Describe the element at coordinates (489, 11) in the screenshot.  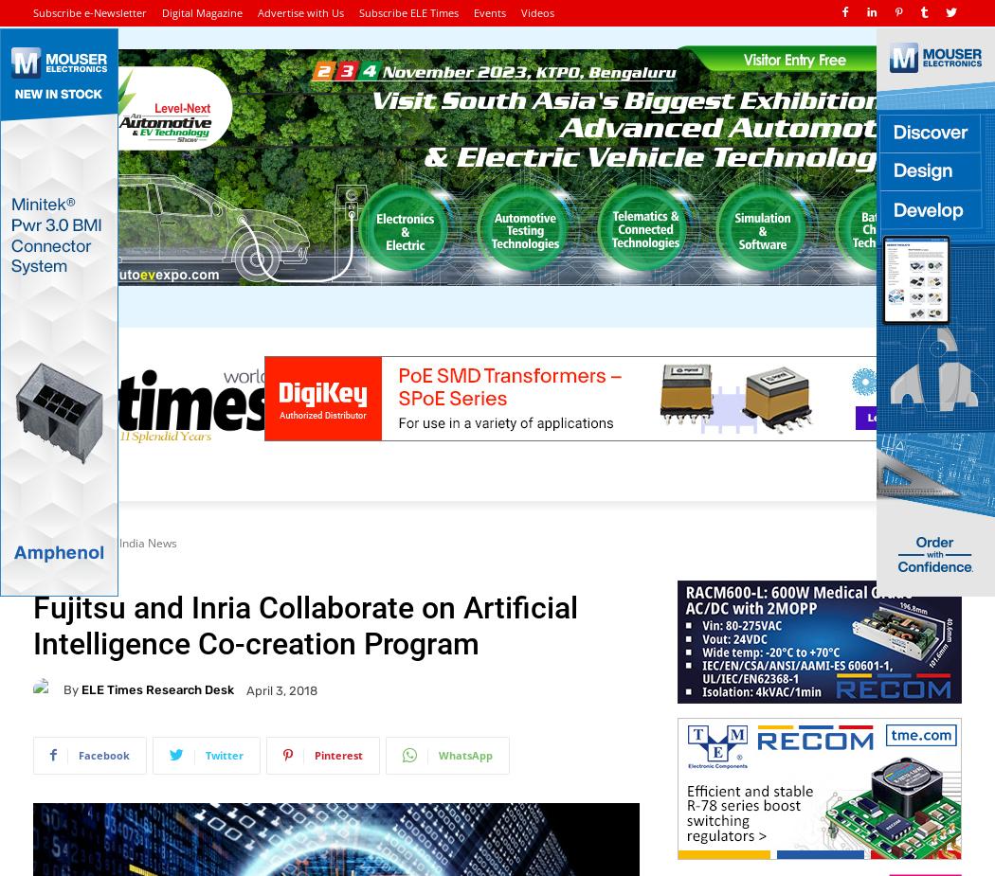
I see `'Events'` at that location.